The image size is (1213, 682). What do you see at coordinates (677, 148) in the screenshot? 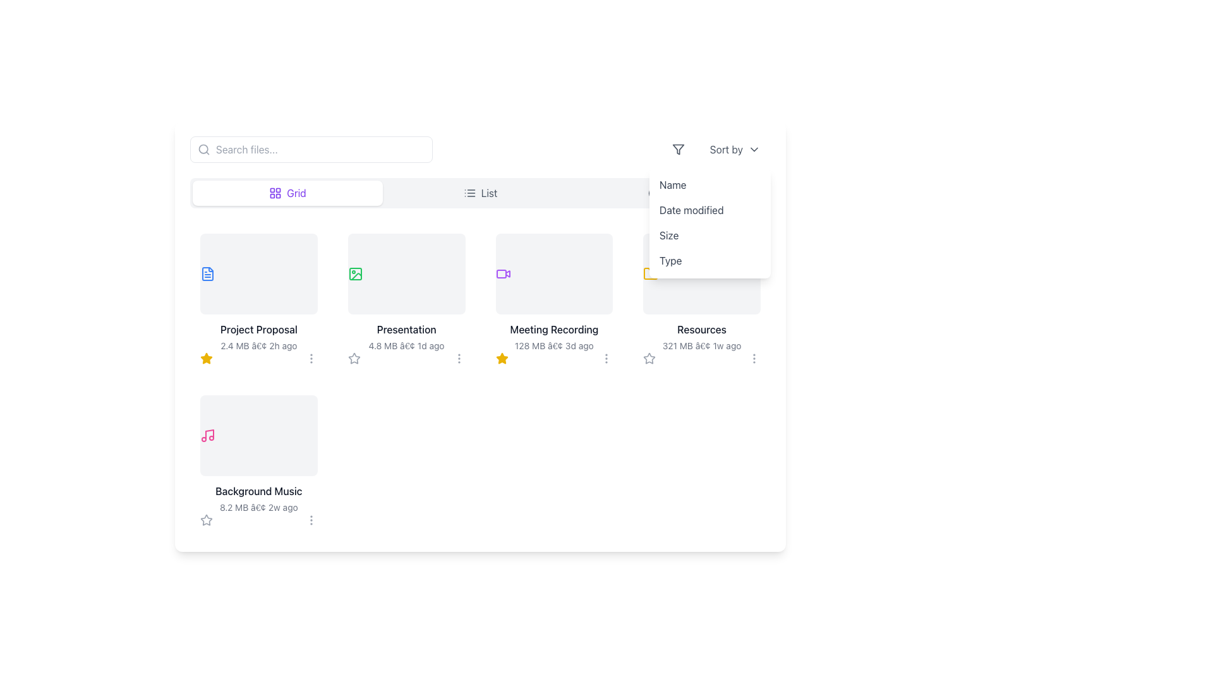
I see `the Graphical Icon that signifies filtering options in the top-right portion of the interface` at bounding box center [677, 148].